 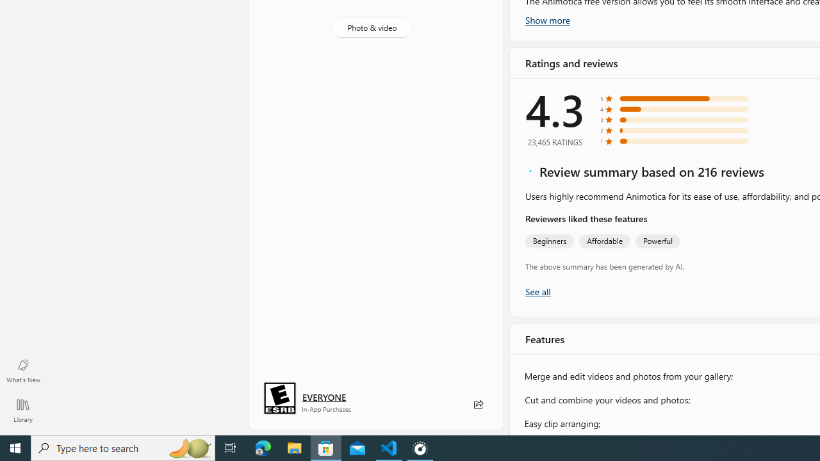 What do you see at coordinates (22, 410) in the screenshot?
I see `'Library'` at bounding box center [22, 410].